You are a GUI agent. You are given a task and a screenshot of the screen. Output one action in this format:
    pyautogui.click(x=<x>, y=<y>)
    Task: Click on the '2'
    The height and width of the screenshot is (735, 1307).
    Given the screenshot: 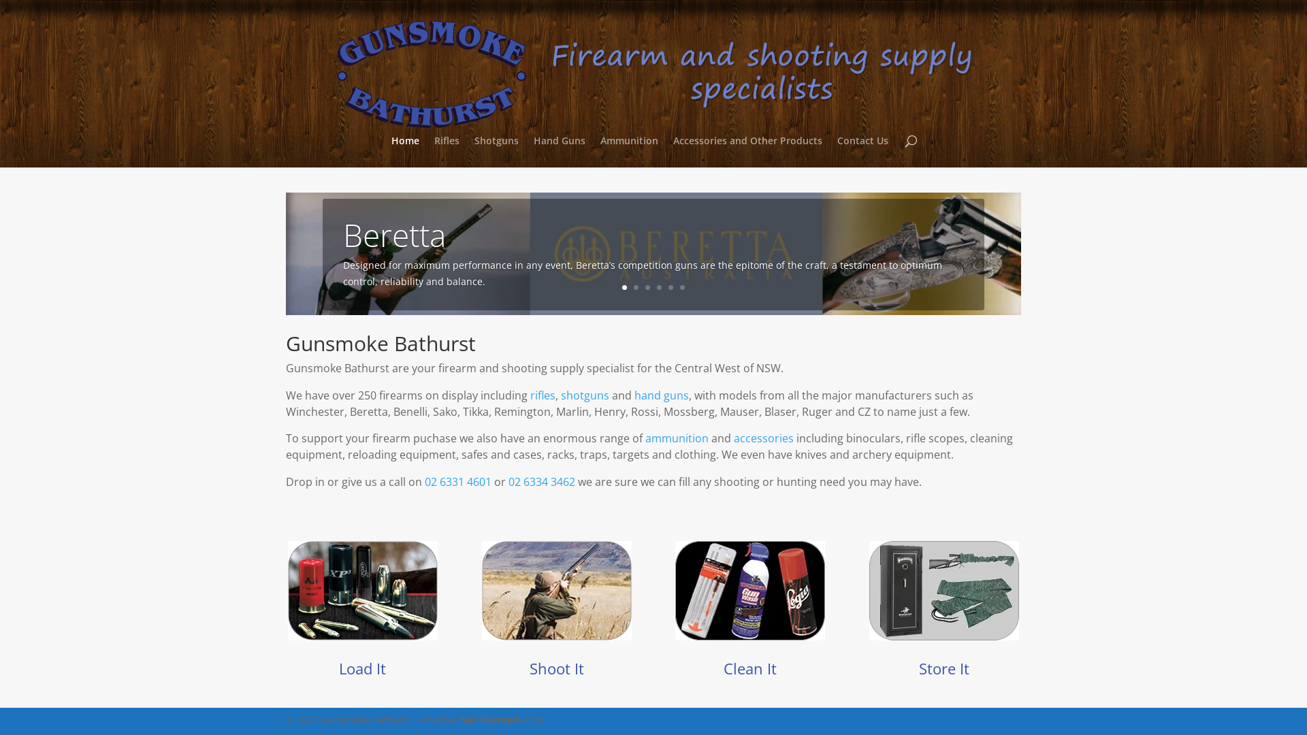 What is the action you would take?
    pyautogui.click(x=635, y=287)
    